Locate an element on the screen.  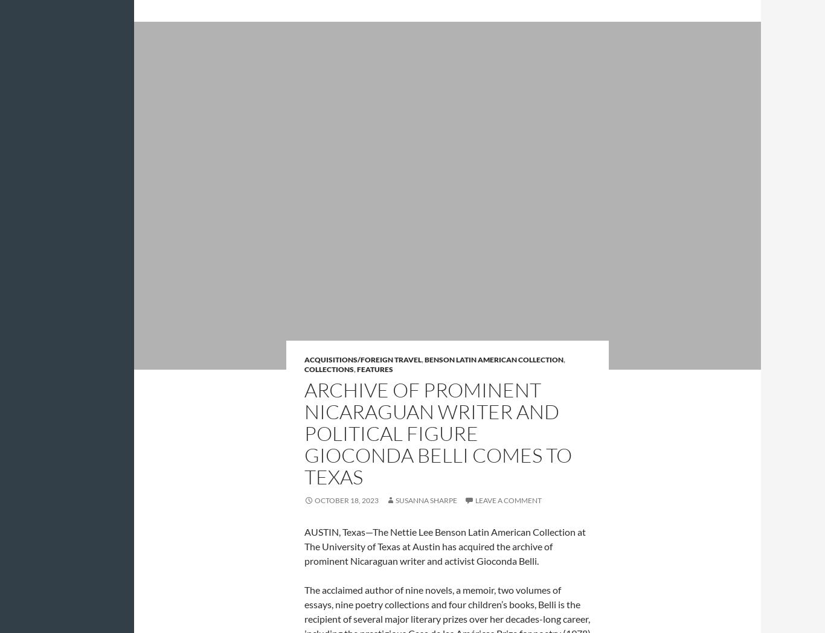
'Leave a comment' is located at coordinates (508, 499).